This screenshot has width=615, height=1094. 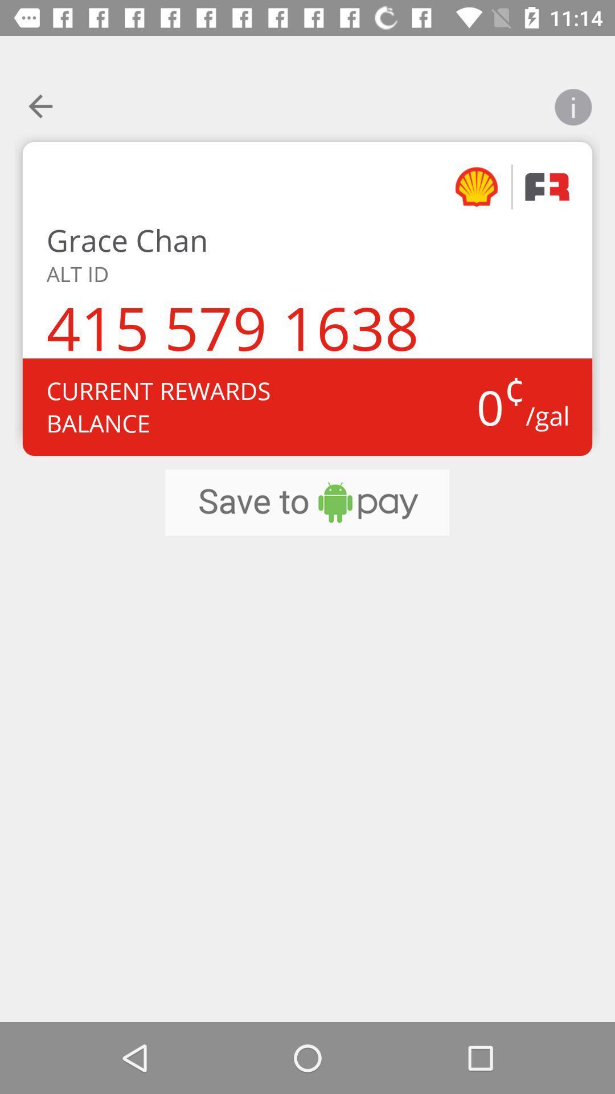 What do you see at coordinates (573, 100) in the screenshot?
I see `open information` at bounding box center [573, 100].